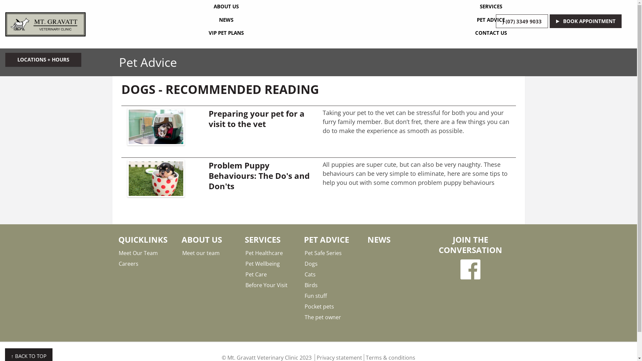 This screenshot has height=361, width=642. Describe the element at coordinates (272, 285) in the screenshot. I see `'Before Your Visit'` at that location.